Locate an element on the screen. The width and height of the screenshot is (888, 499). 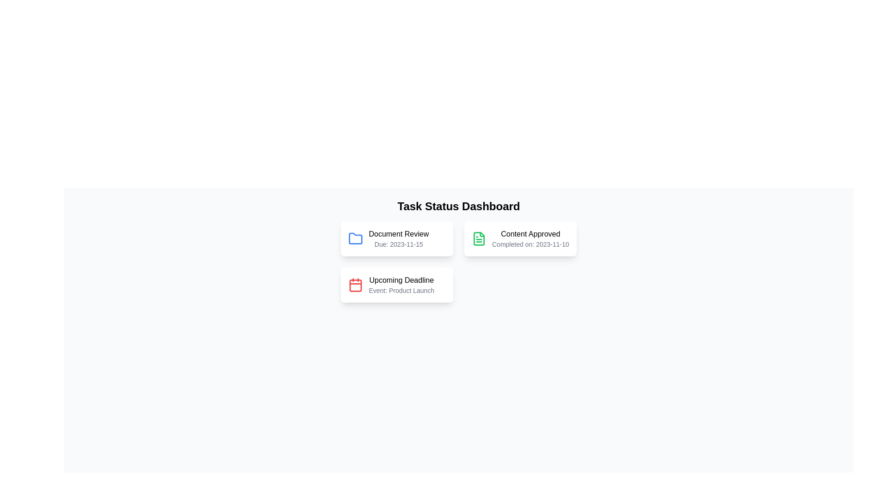
the green file icon with text lines inside, which indicates a positive status, located to the left of the 'Content Approved' text is located at coordinates (479, 238).